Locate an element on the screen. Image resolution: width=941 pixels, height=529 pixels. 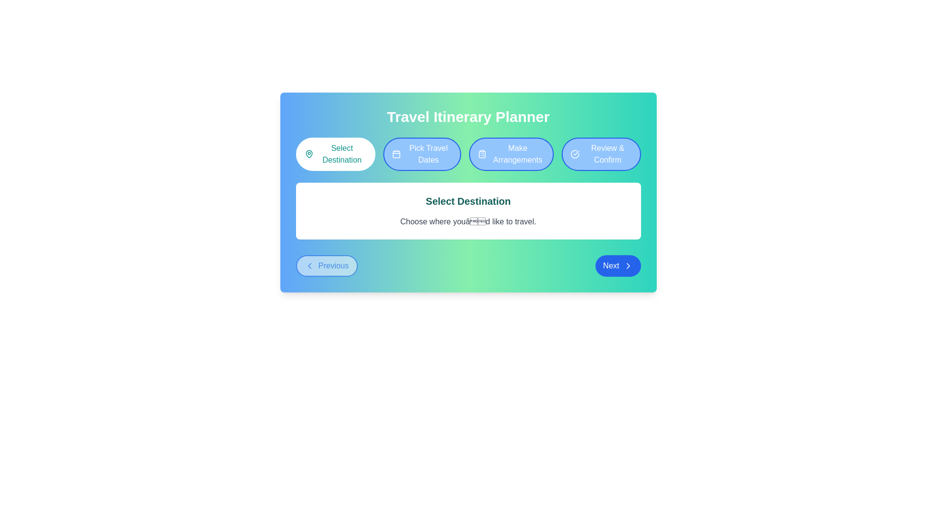
the second button in the Horizontal Button Group marked with blue outlines and light blue background is located at coordinates (468, 154).